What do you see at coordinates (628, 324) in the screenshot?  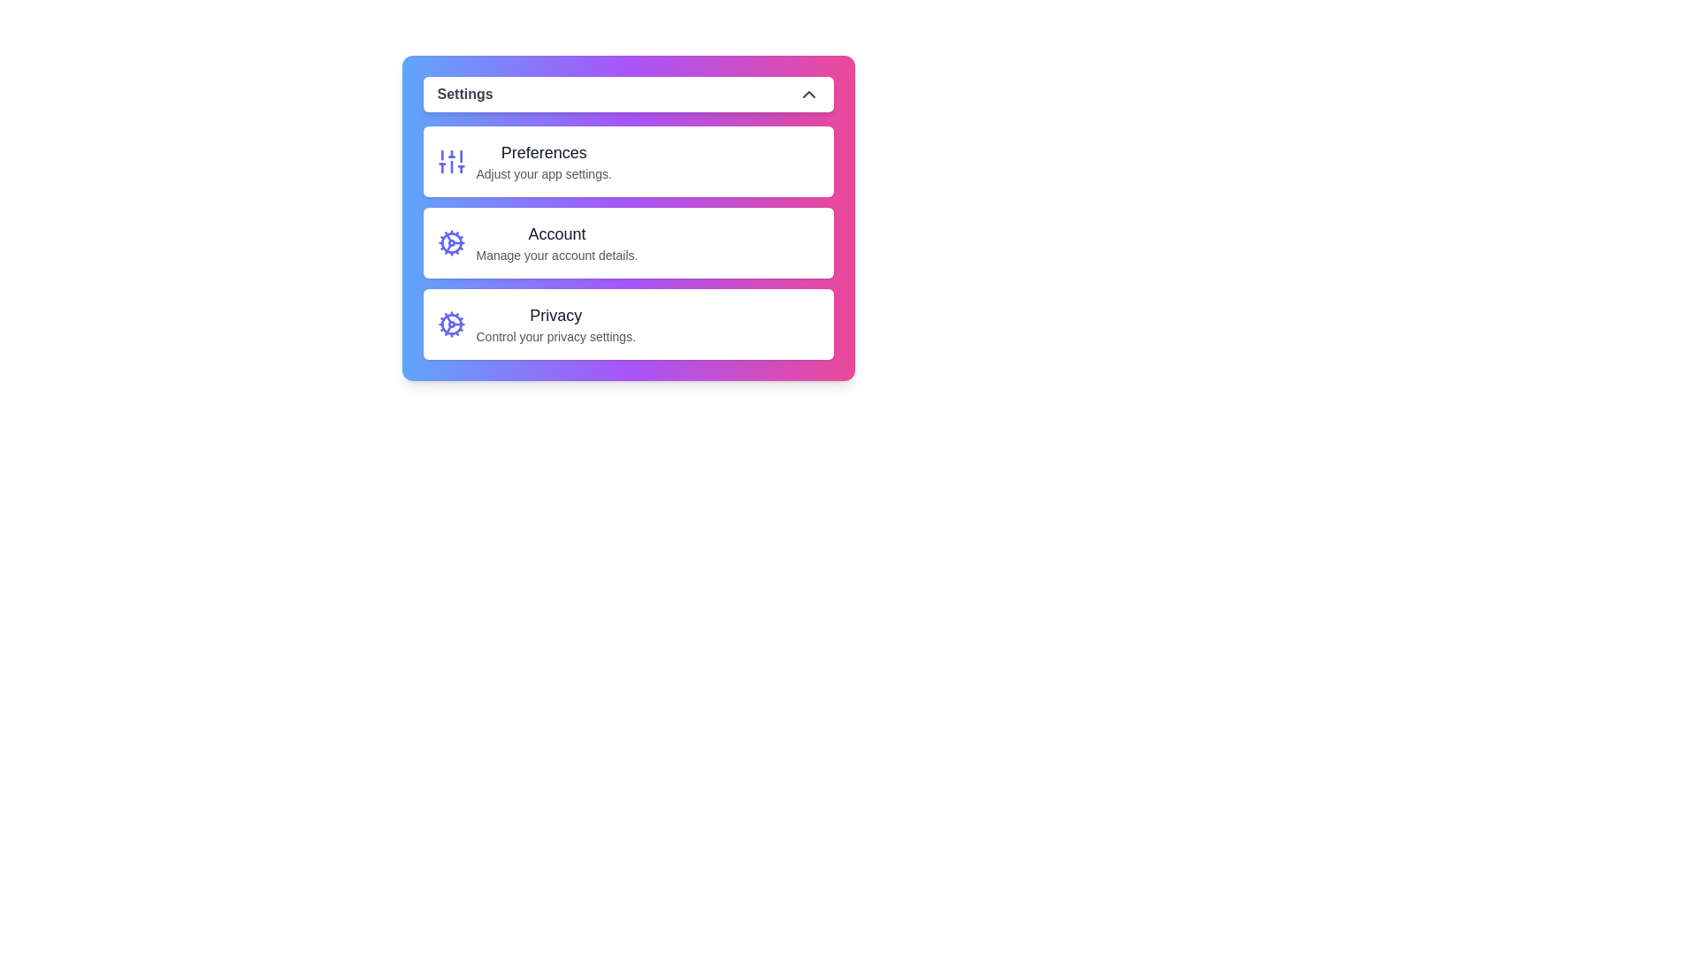 I see `the Privacy option from the settings menu` at bounding box center [628, 324].